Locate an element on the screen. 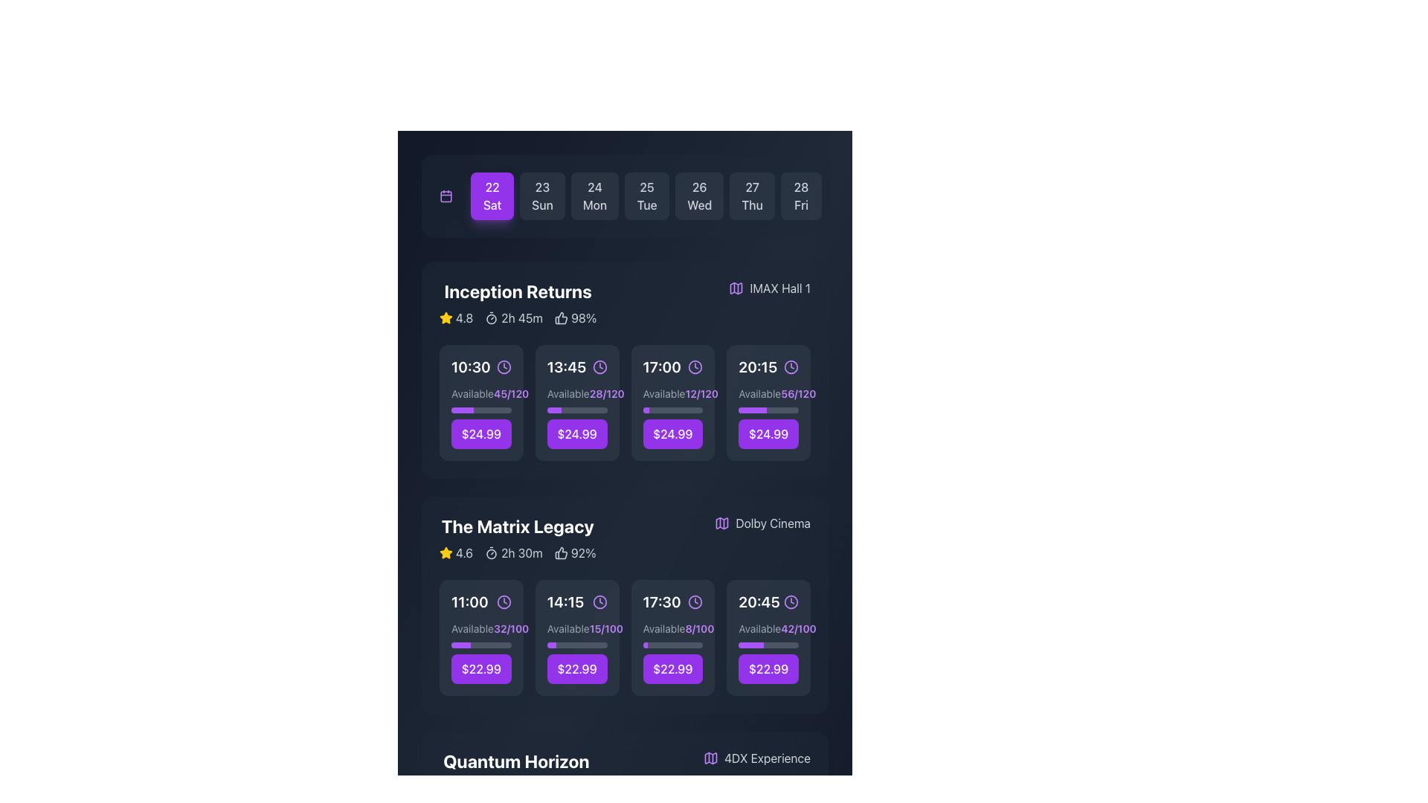  the content of the text display showing the movie showtime '13:45', which is the second time slot under the 'Inception Returns' heading is located at coordinates (566, 367).